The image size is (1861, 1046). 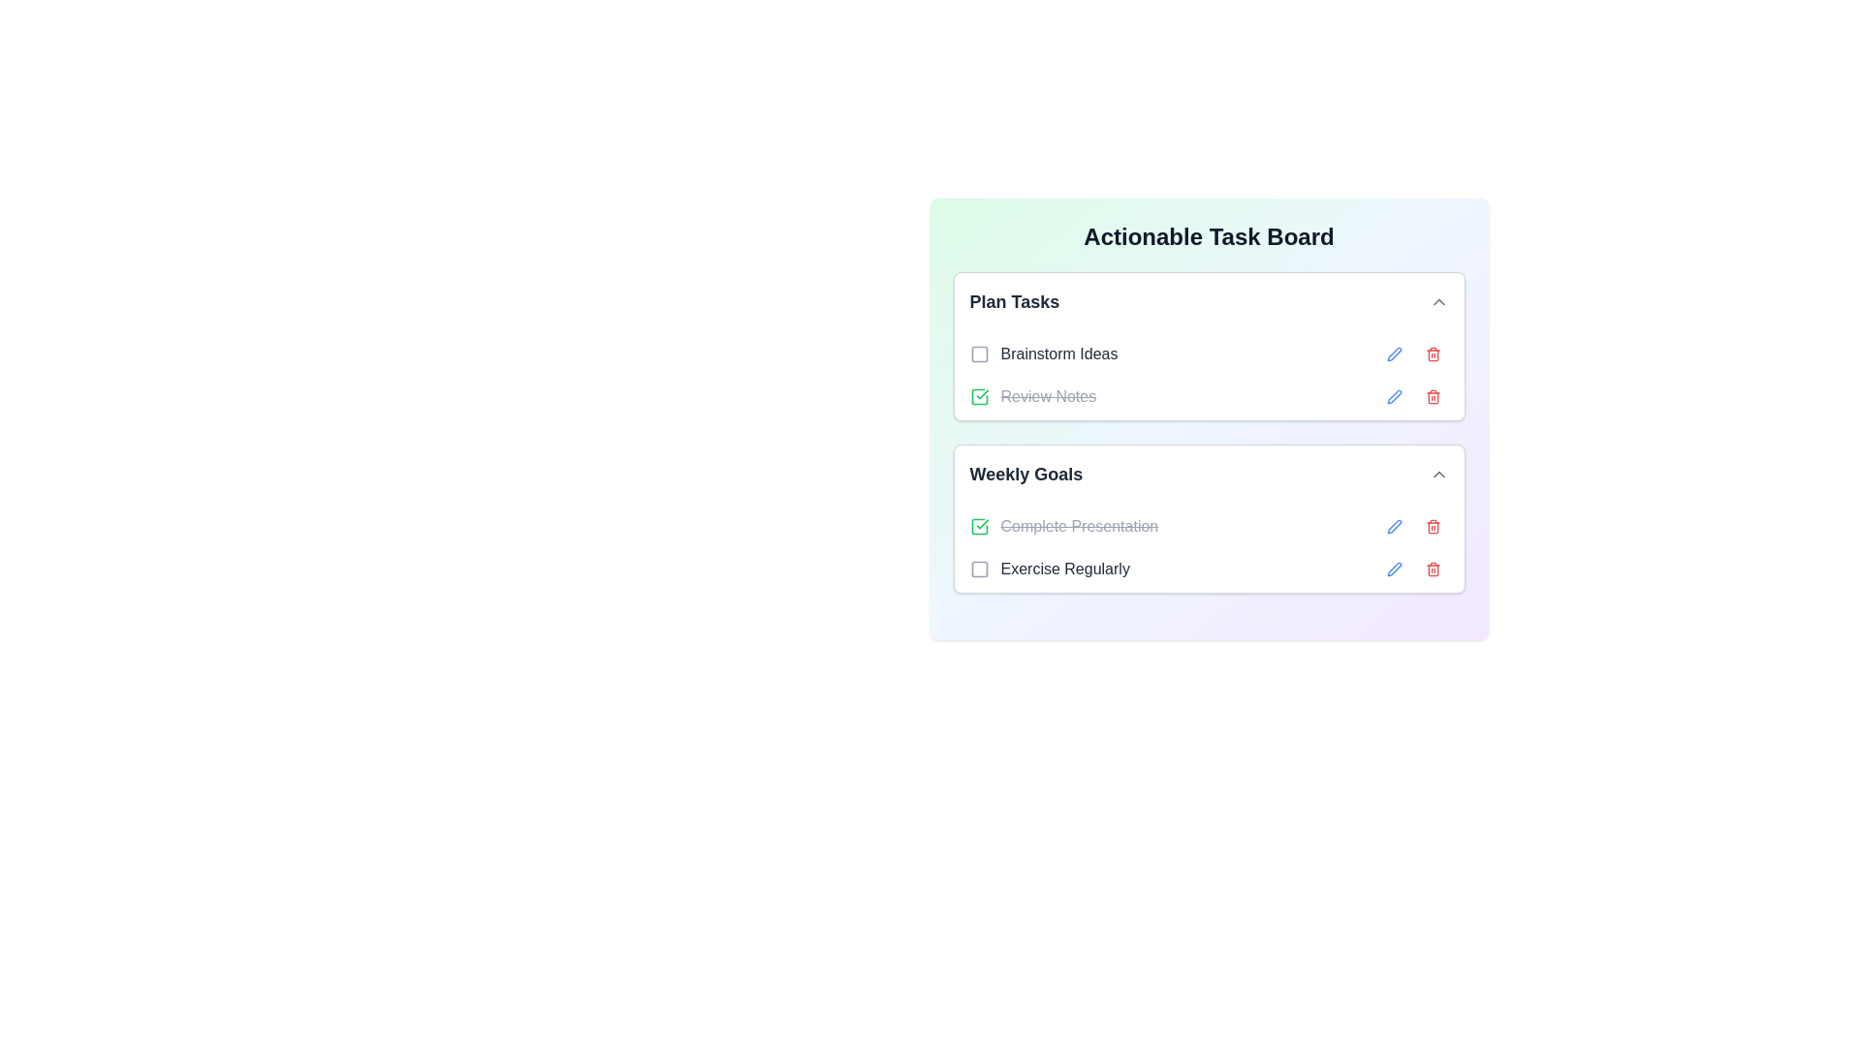 What do you see at coordinates (1438, 302) in the screenshot?
I see `the upward-pointing chevron icon located at the top-right corner of the 'Plan Tasks' section header` at bounding box center [1438, 302].